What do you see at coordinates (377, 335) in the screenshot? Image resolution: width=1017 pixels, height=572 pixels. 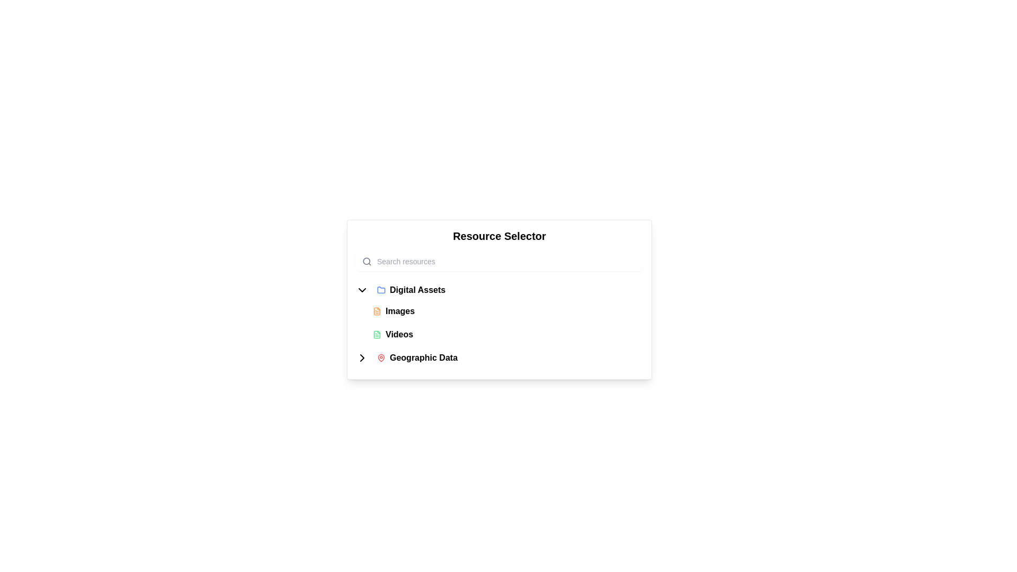 I see `the icon representing the resource category for video-related data, located to the left of the word 'Videos'` at bounding box center [377, 335].